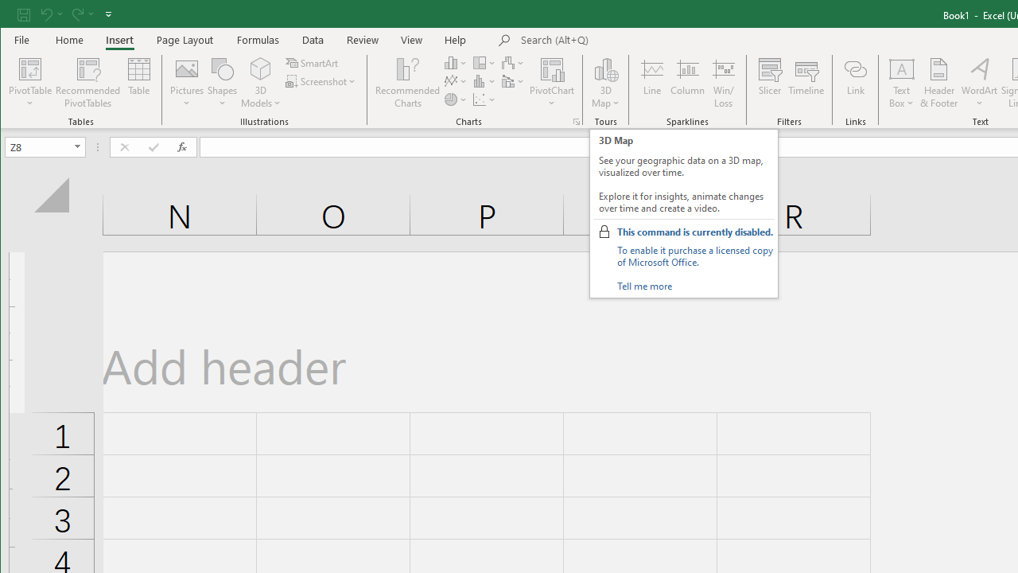  I want to click on 'WordArt', so click(979, 83).